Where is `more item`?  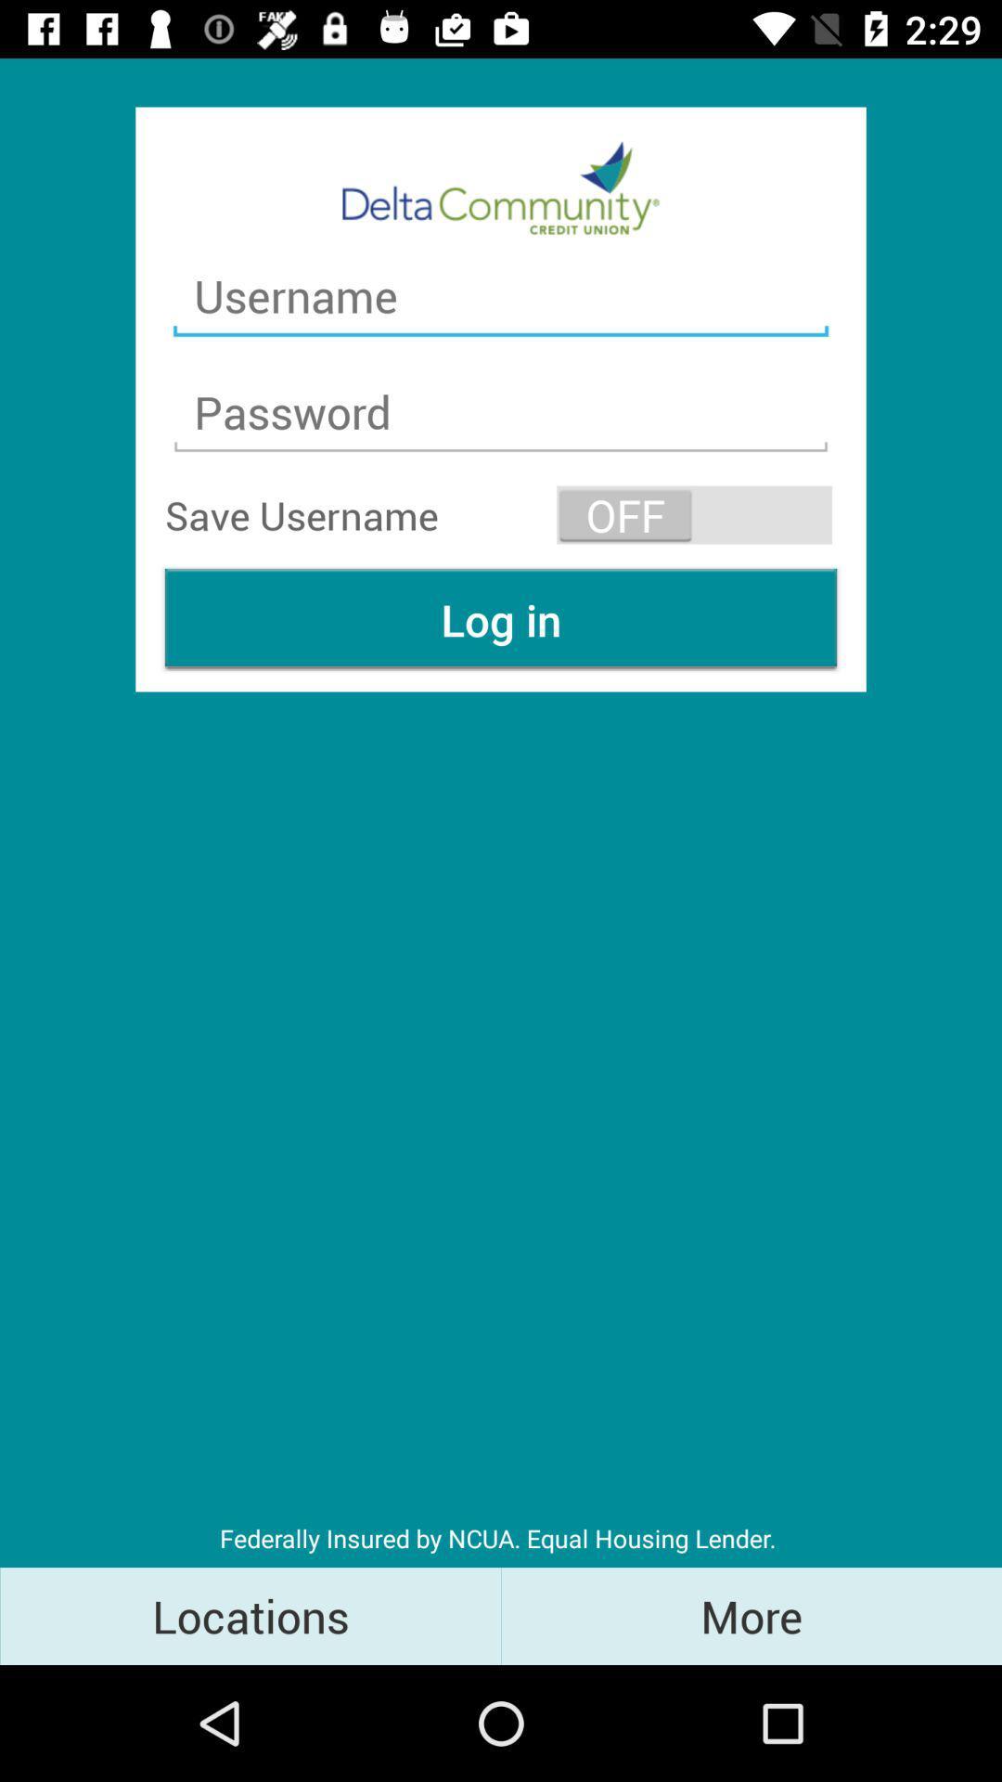 more item is located at coordinates (751, 1615).